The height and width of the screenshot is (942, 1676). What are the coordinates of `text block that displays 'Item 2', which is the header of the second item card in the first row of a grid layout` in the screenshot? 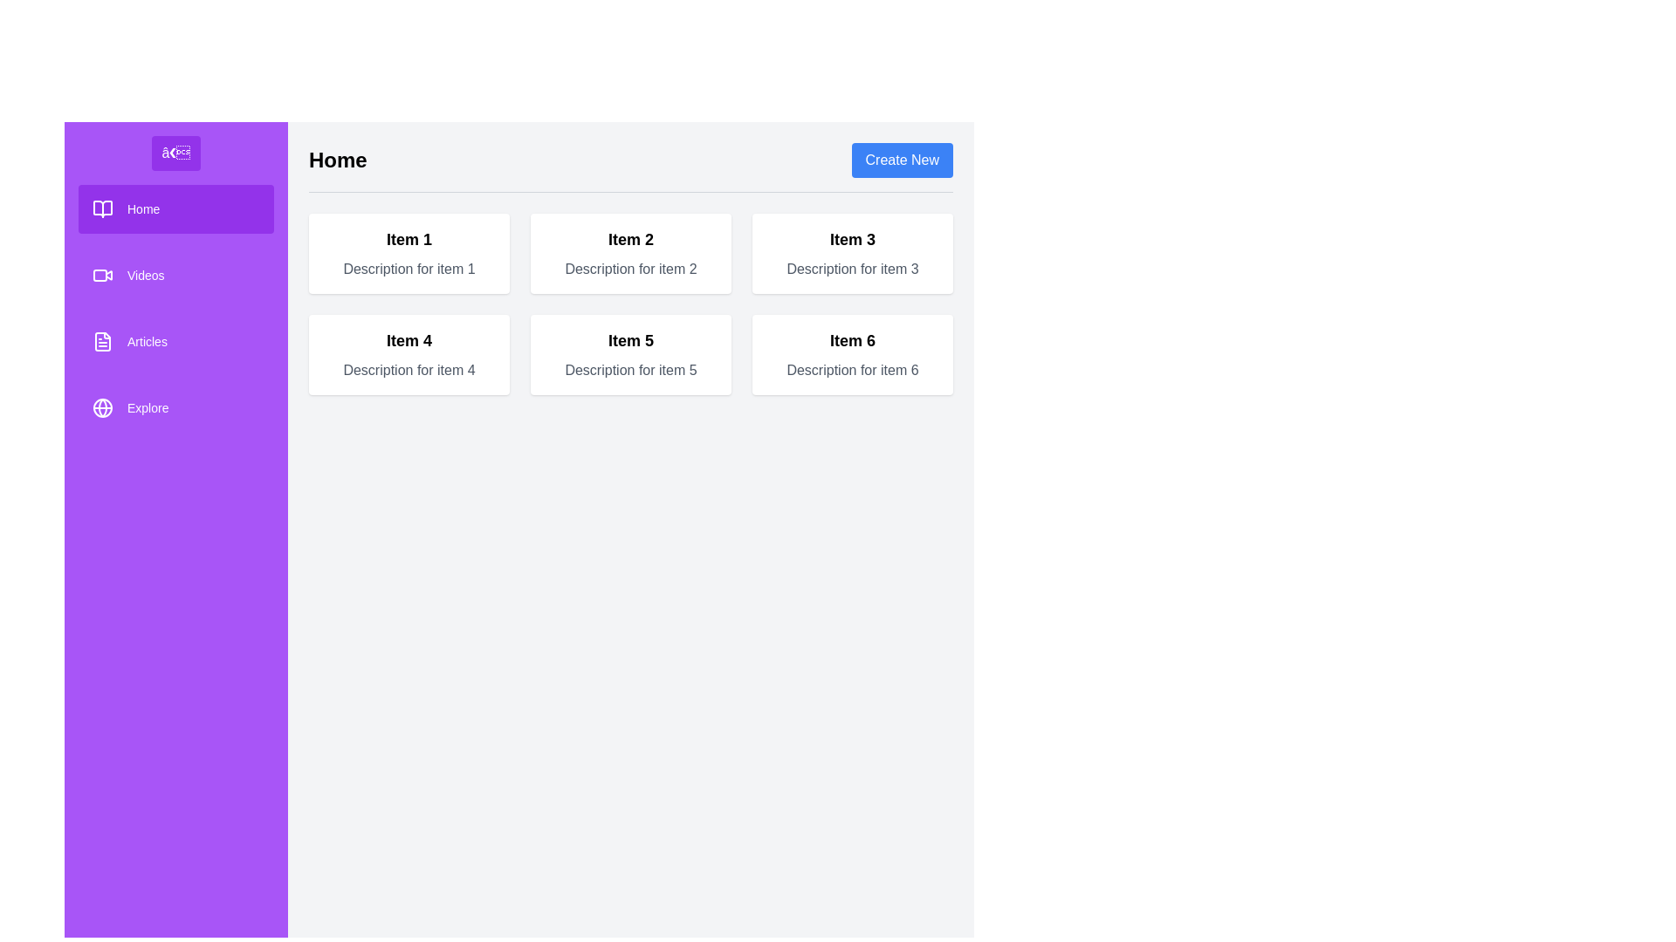 It's located at (630, 239).